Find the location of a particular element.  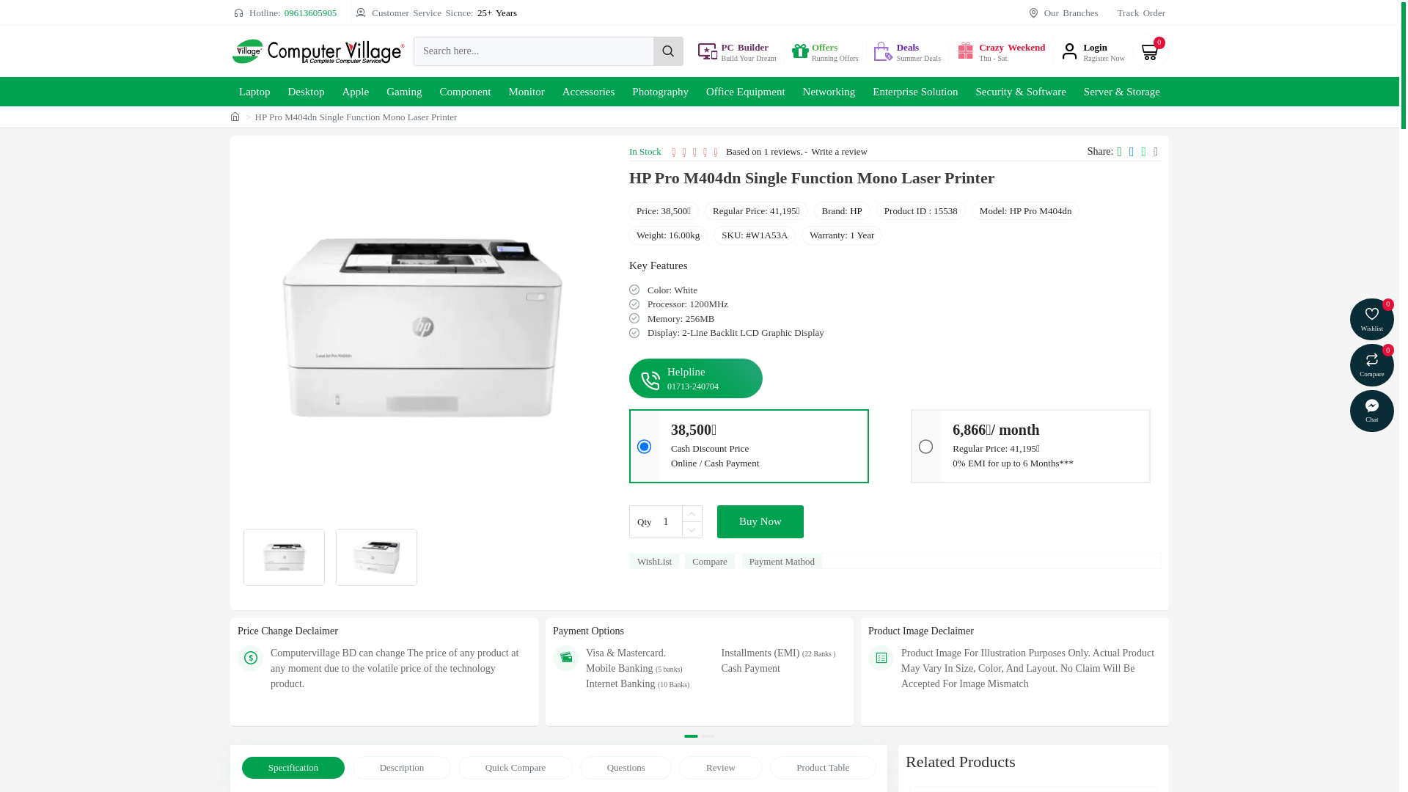

'Computer Village' is located at coordinates (229, 51).